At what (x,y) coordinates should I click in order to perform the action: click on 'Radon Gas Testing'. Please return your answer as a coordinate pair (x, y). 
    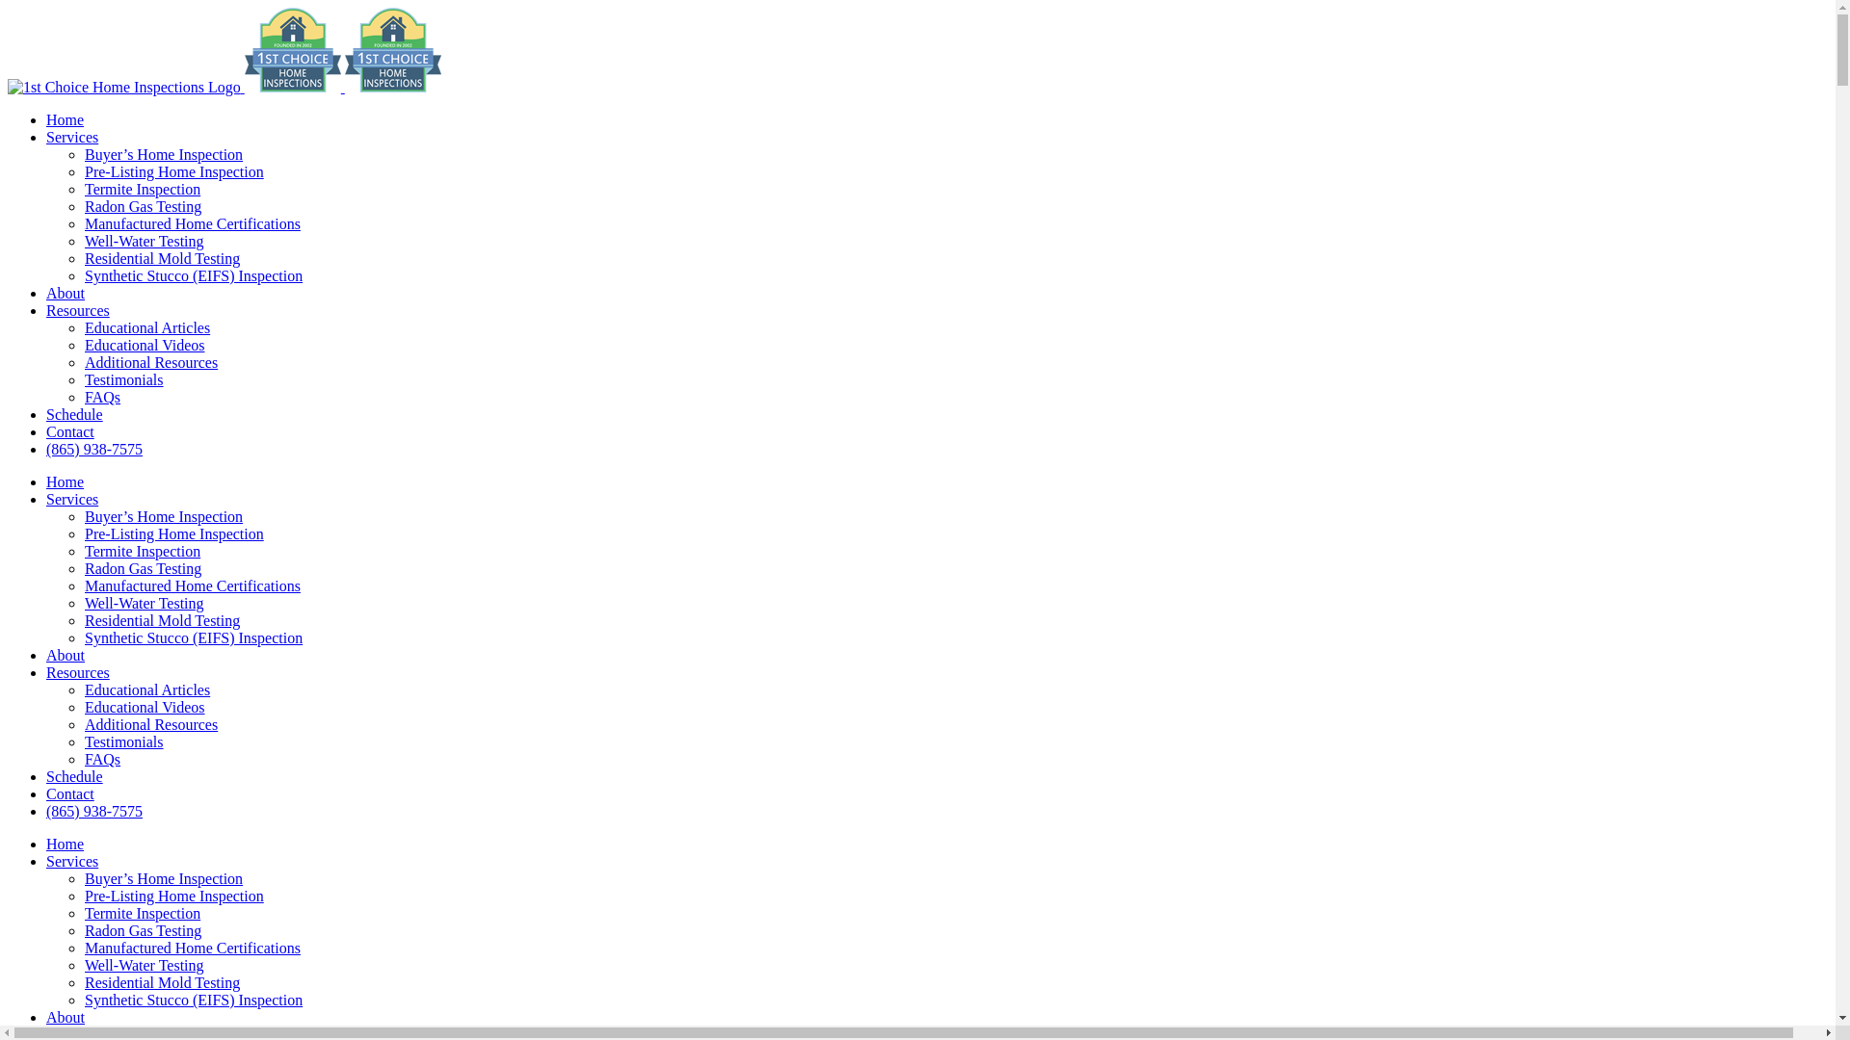
    Looking at the image, I should click on (83, 929).